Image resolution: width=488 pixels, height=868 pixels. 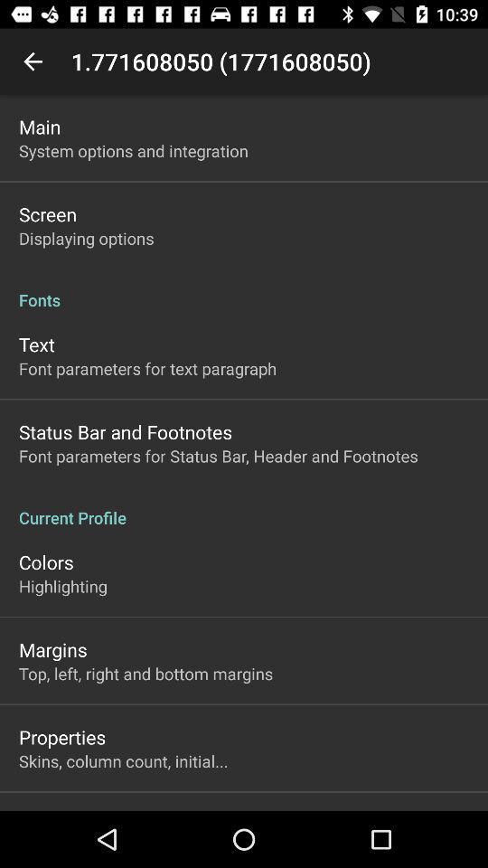 What do you see at coordinates (85, 237) in the screenshot?
I see `item above fonts` at bounding box center [85, 237].